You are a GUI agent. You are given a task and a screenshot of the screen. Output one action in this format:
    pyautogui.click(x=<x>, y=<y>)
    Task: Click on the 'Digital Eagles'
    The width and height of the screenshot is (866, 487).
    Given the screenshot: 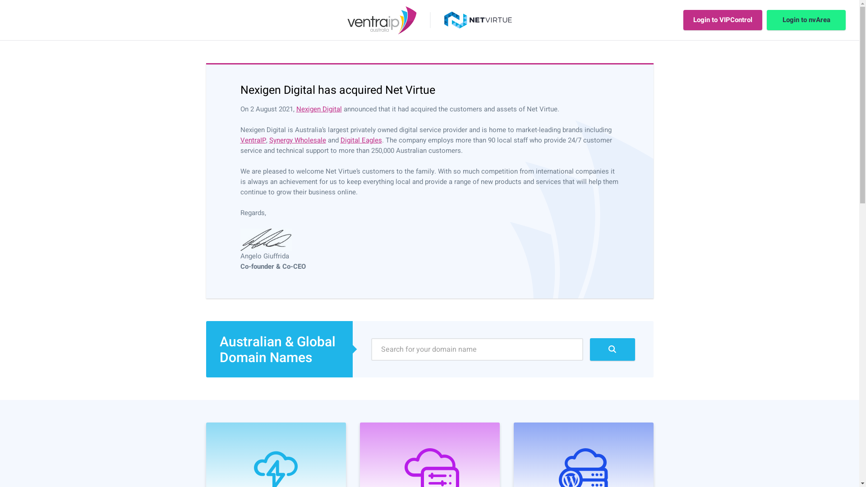 What is the action you would take?
    pyautogui.click(x=339, y=140)
    